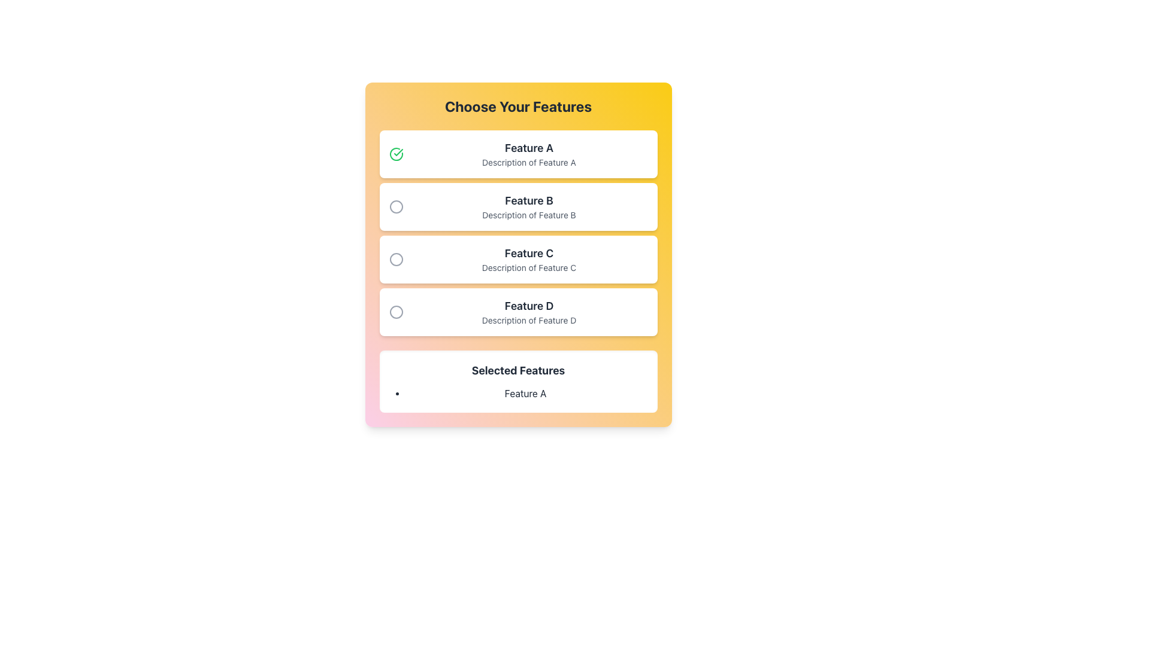  Describe the element at coordinates (528, 253) in the screenshot. I see `the 'Feature C' text label, which serves as the title for a selectable feature option under the section 'Choose Your Features'` at that location.